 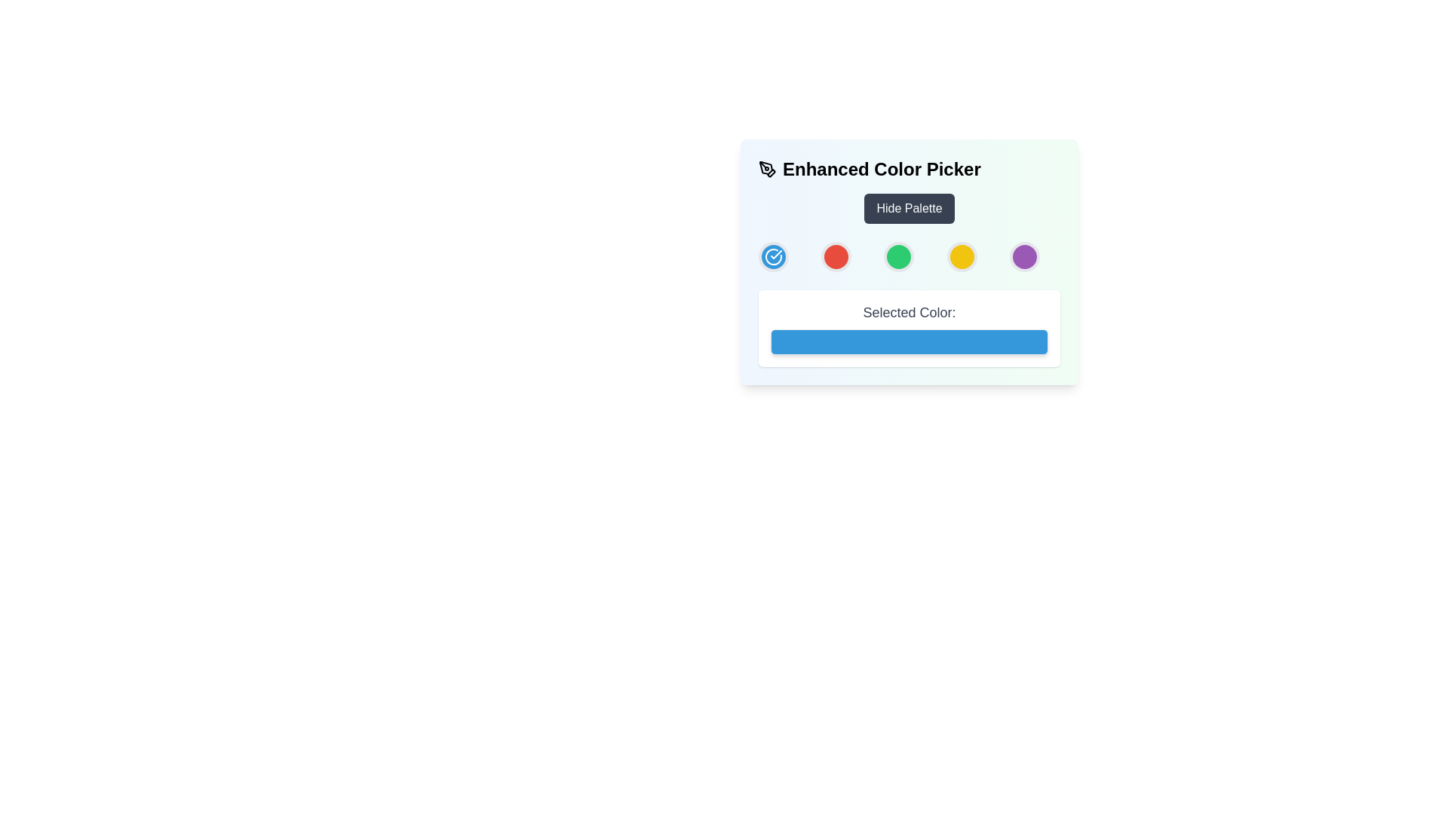 I want to click on the first circular button in the Enhanced Color Picker interface, so click(x=774, y=256).